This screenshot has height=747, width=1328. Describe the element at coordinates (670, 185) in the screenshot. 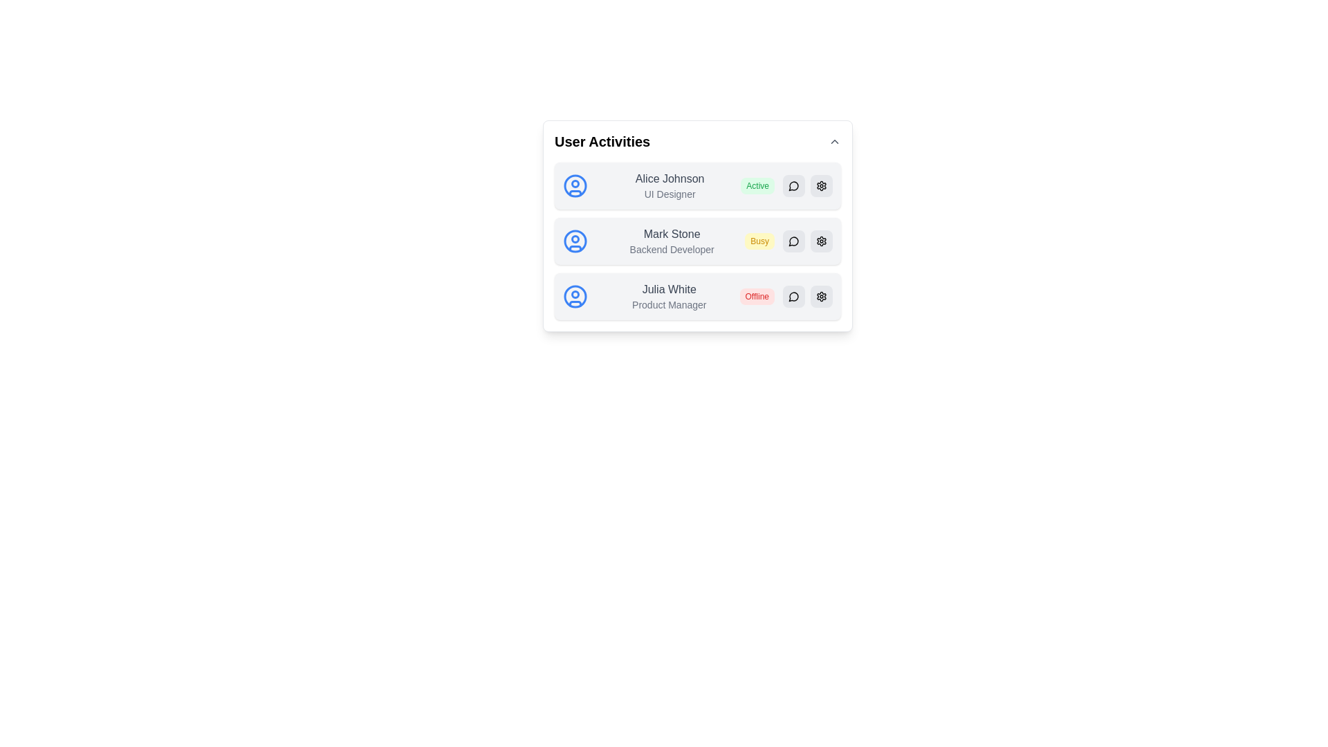

I see `the Text block that displays the user's name and job title, located in the list of users under 'User Activities'` at that location.